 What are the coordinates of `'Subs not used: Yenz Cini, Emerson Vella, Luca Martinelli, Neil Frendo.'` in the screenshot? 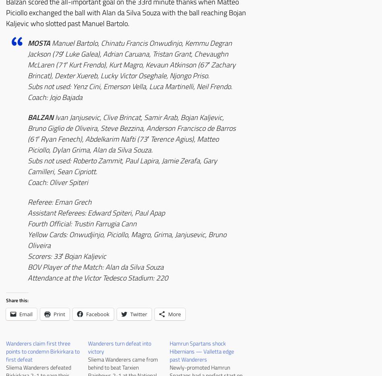 It's located at (129, 86).